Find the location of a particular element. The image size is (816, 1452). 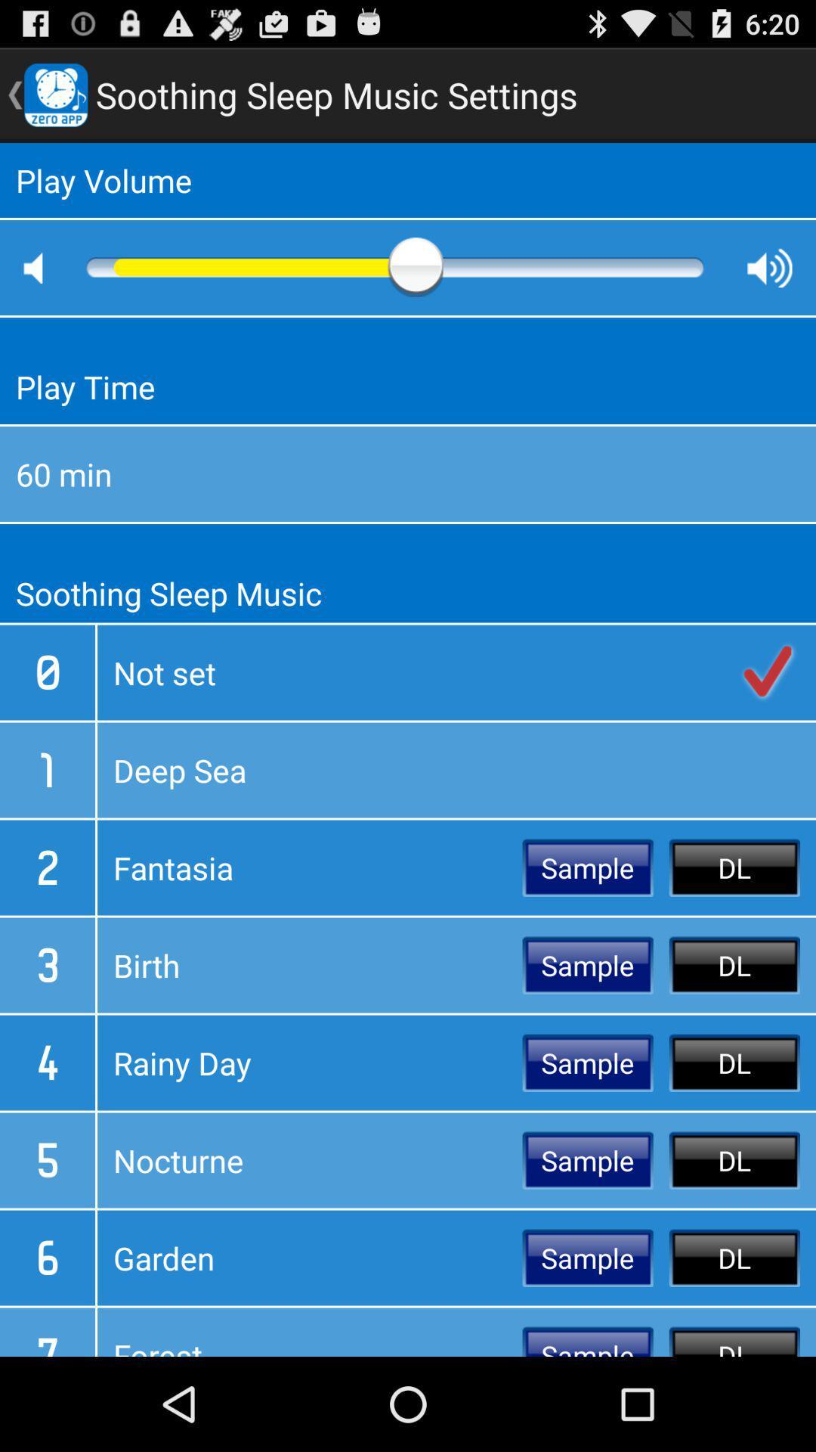

icon to the left of sample icon is located at coordinates (309, 867).